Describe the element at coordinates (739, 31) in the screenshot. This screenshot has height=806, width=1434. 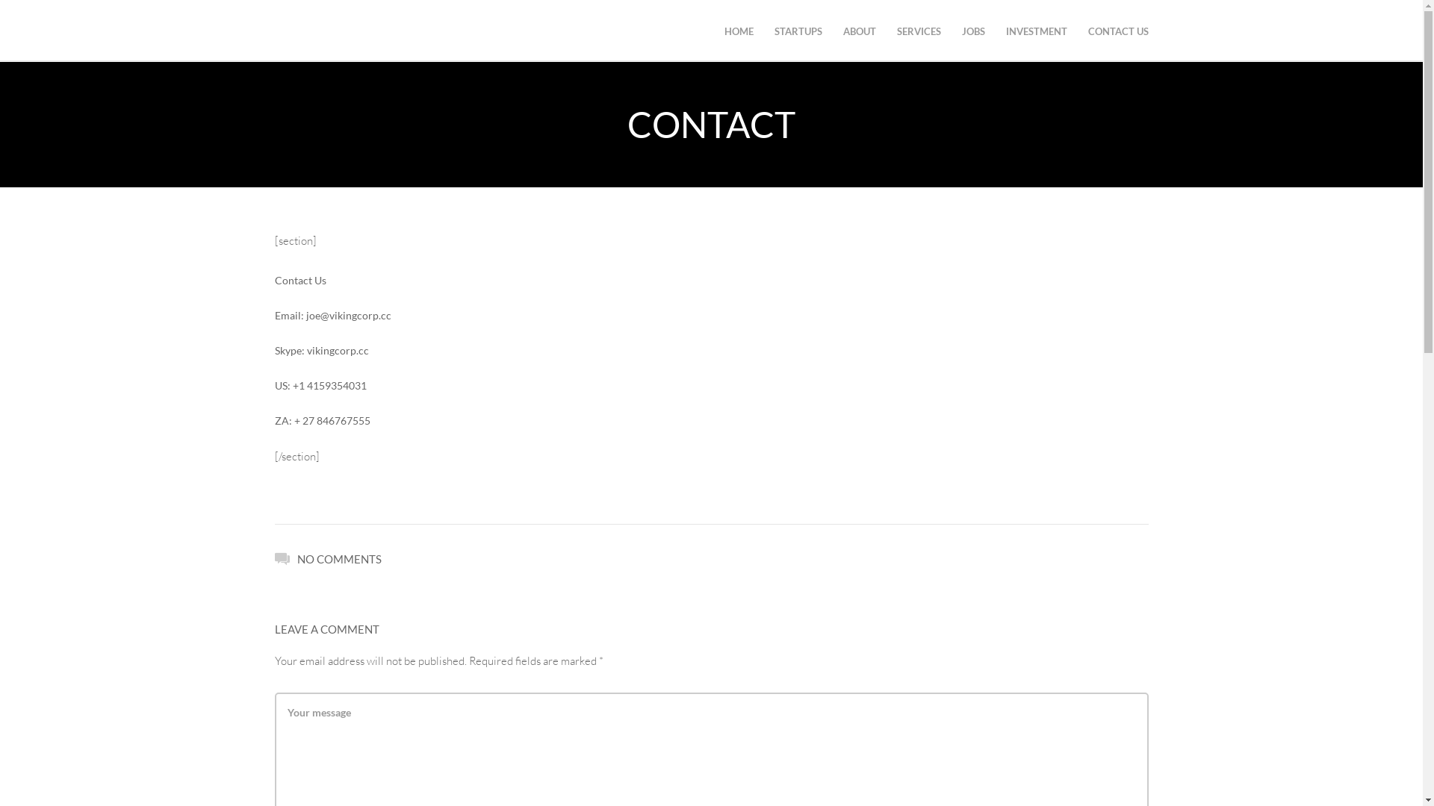
I see `'HOME'` at that location.